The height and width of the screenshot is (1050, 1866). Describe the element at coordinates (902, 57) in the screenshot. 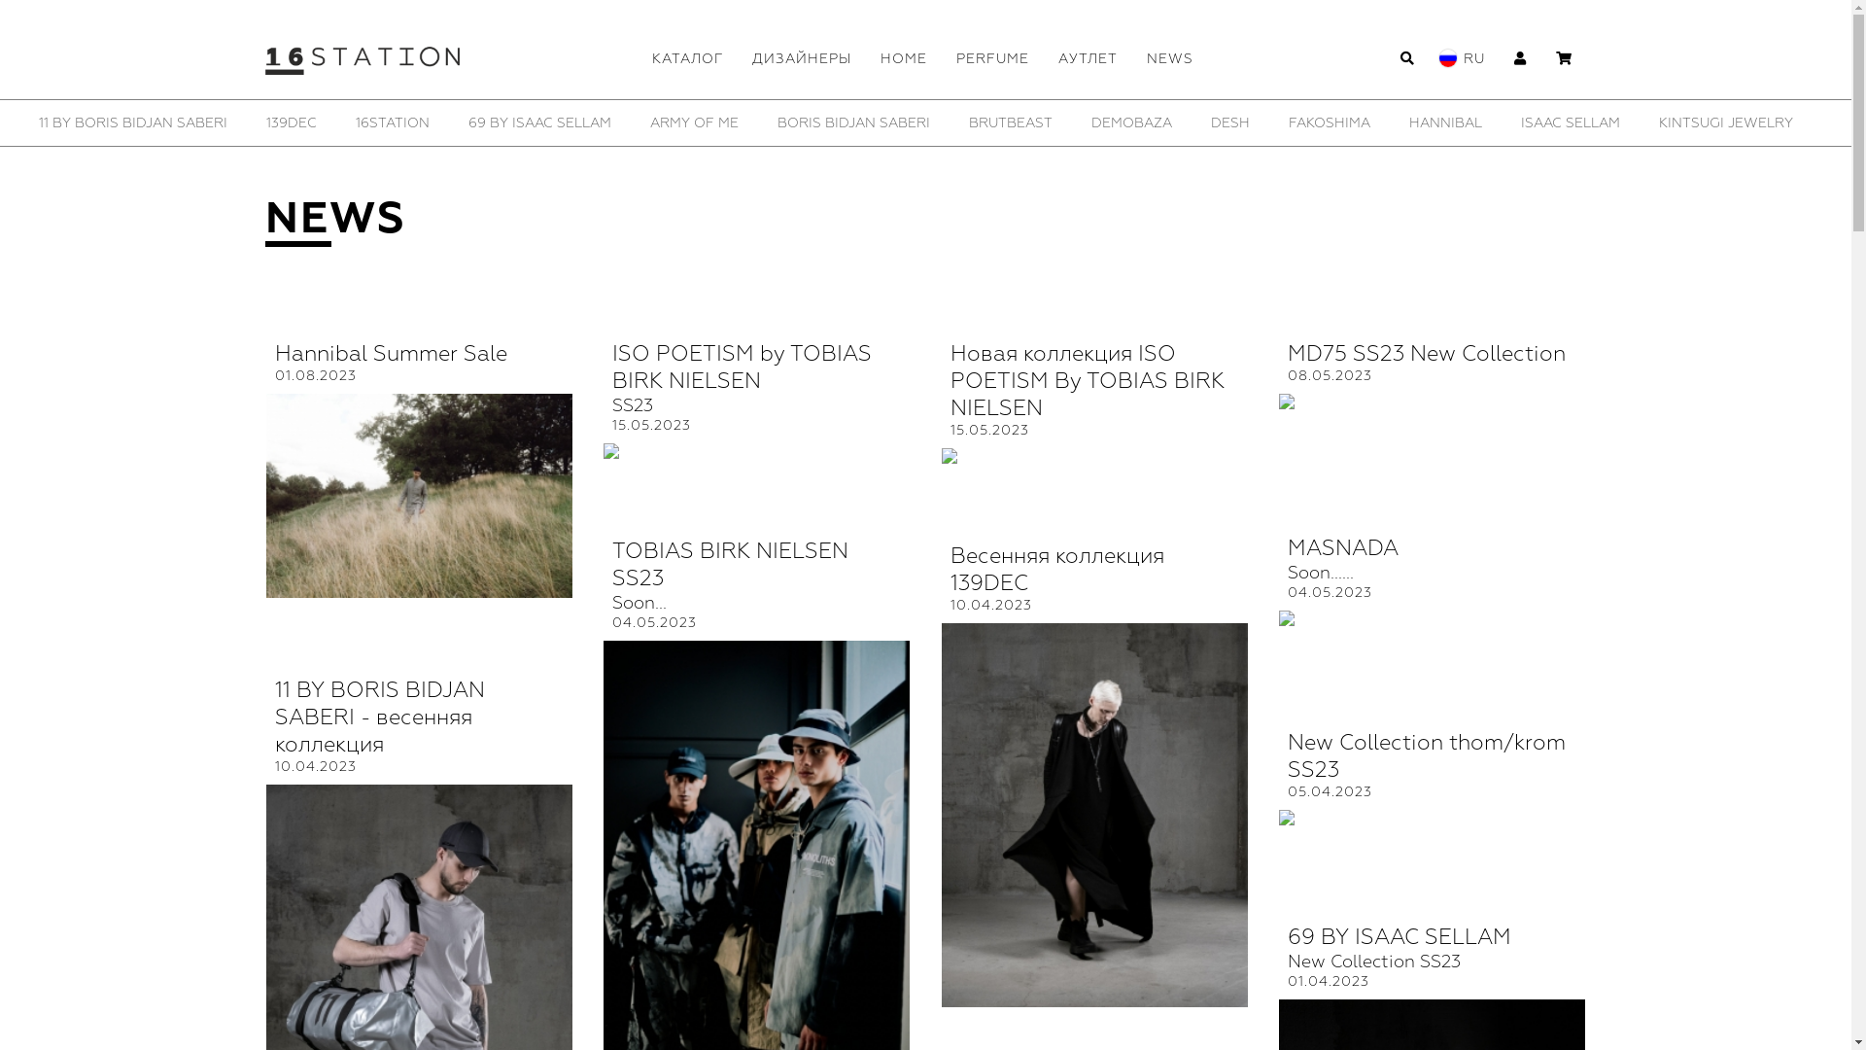

I see `'HOME'` at that location.